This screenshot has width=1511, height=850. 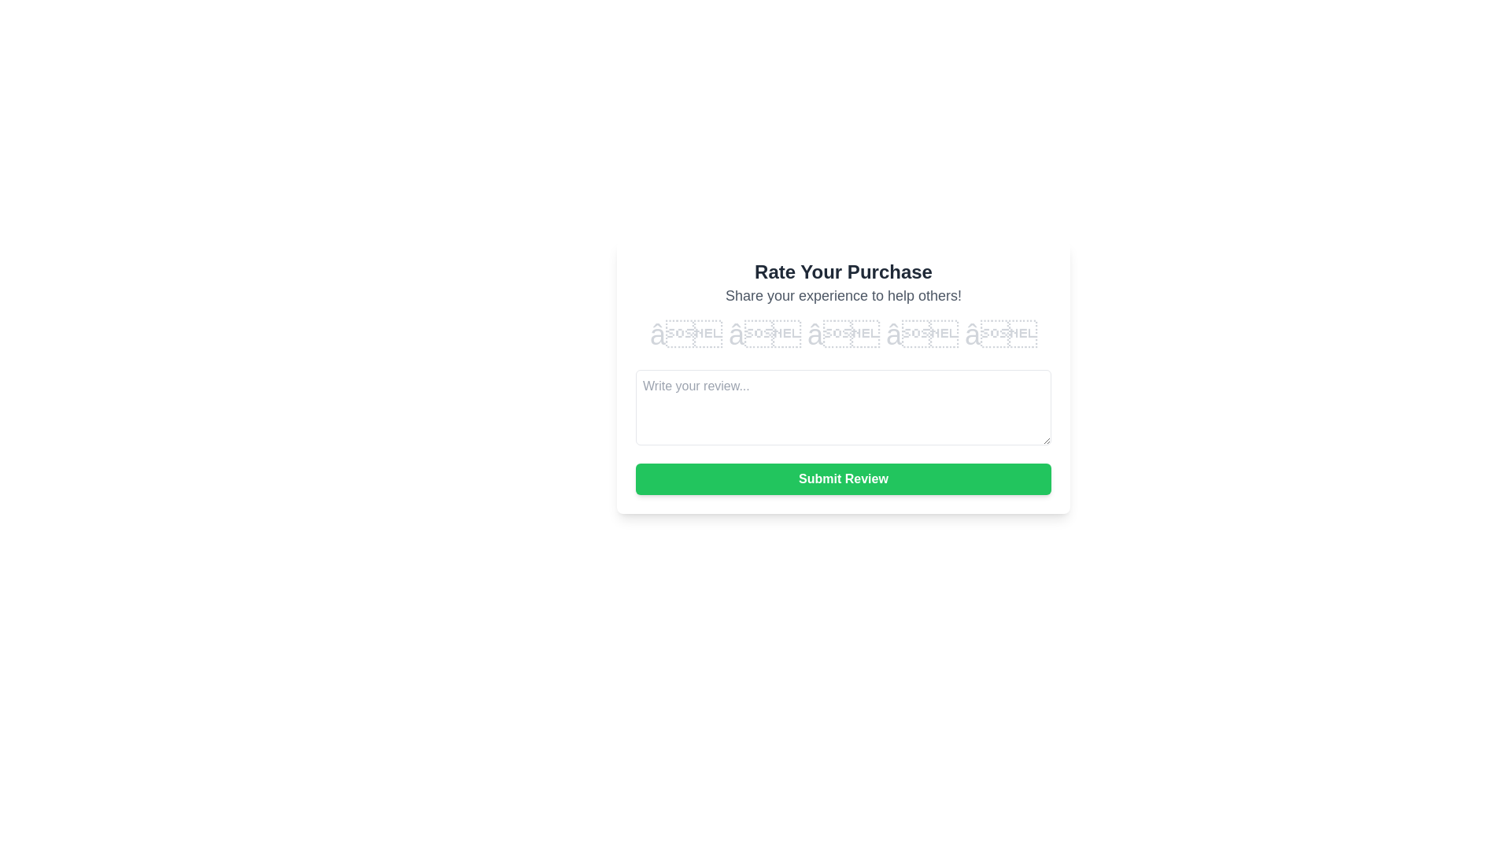 I want to click on 'Submit Review' button to submit the review, so click(x=842, y=479).